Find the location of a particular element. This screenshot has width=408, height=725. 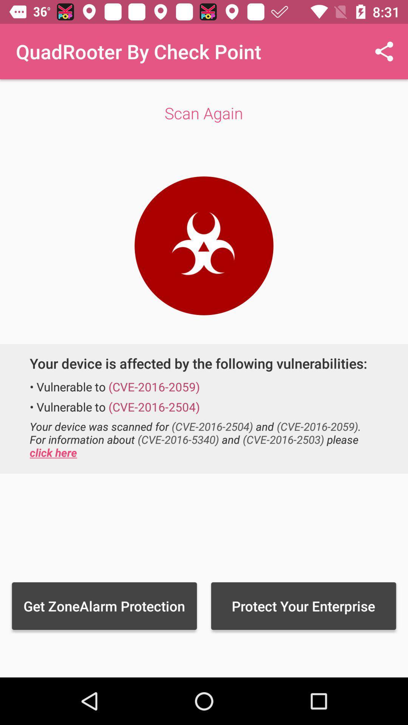

item at the top right corner is located at coordinates (384, 51).